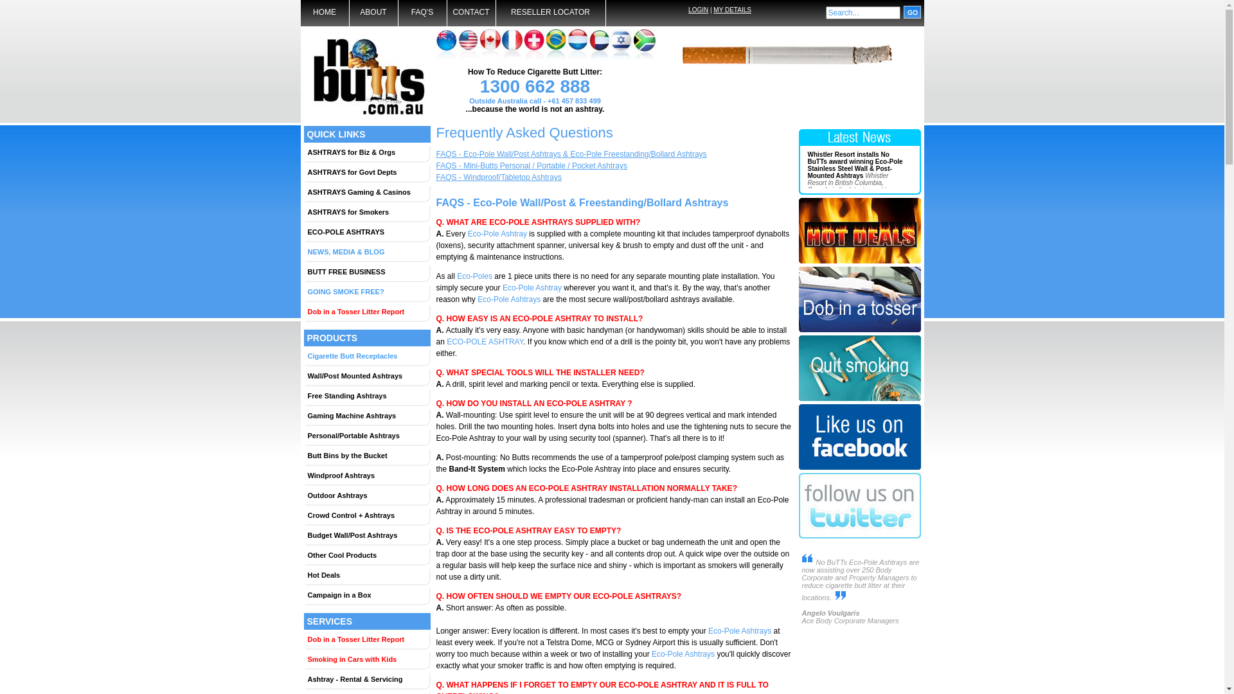 This screenshot has width=1234, height=694. What do you see at coordinates (325, 13) in the screenshot?
I see `'HOME'` at bounding box center [325, 13].